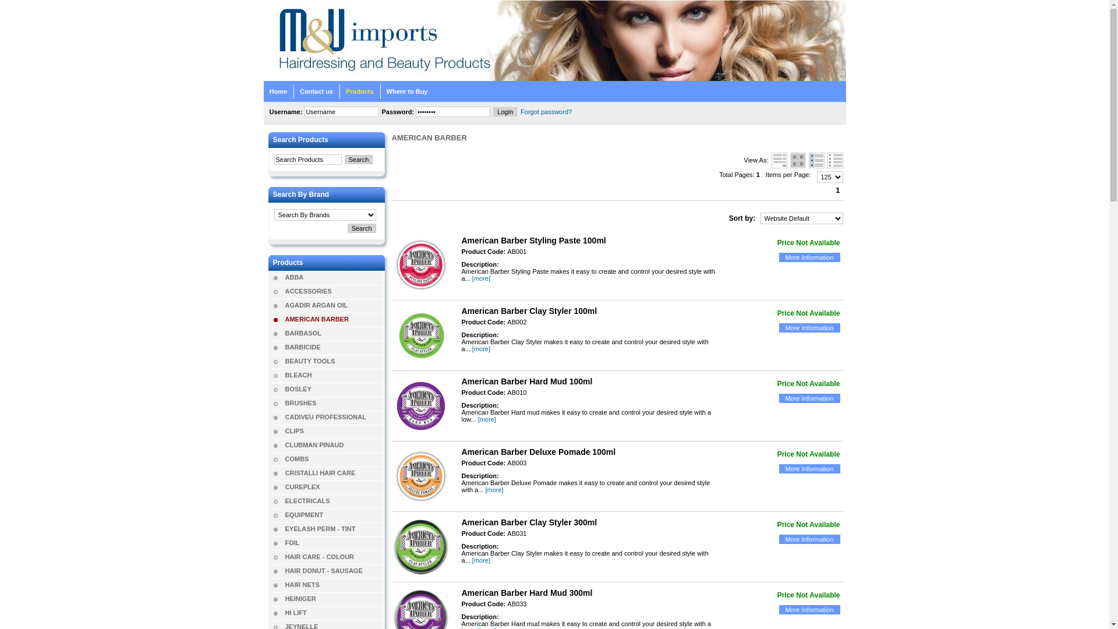  What do you see at coordinates (461, 310) in the screenshot?
I see `'American Barber Clay Styler 100ml'` at bounding box center [461, 310].